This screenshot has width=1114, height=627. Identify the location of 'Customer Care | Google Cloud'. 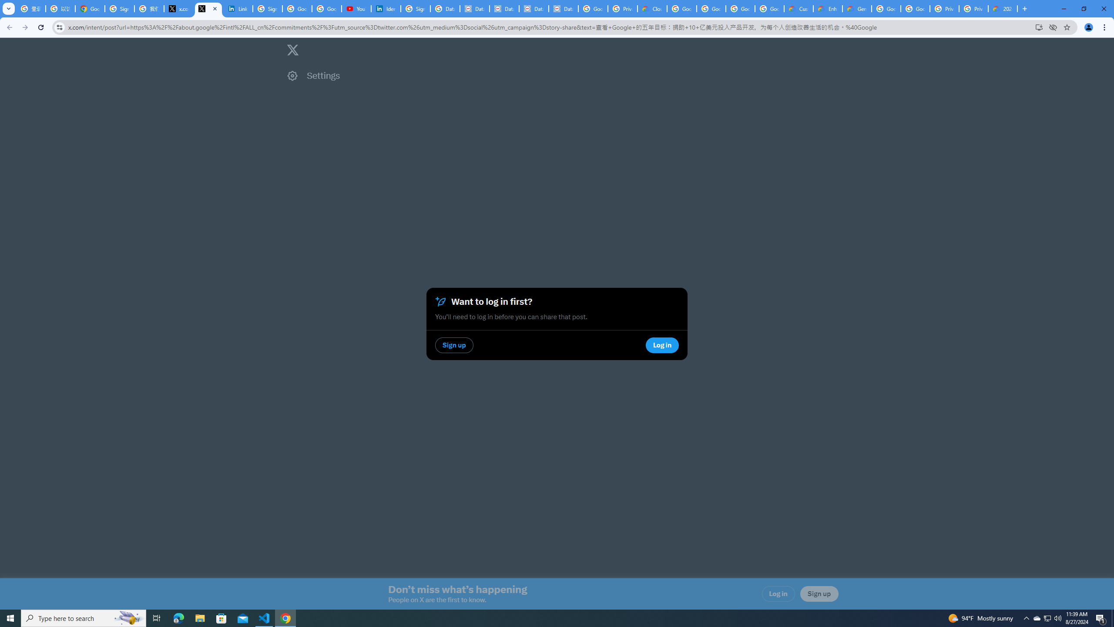
(798, 8).